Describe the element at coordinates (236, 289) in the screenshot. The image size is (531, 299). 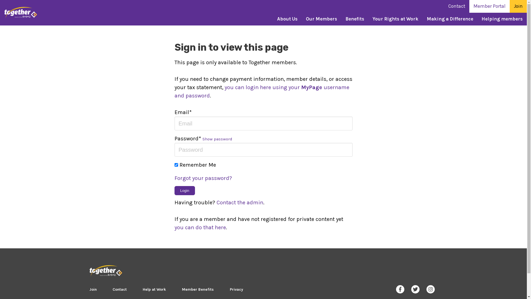
I see `'Privacy'` at that location.